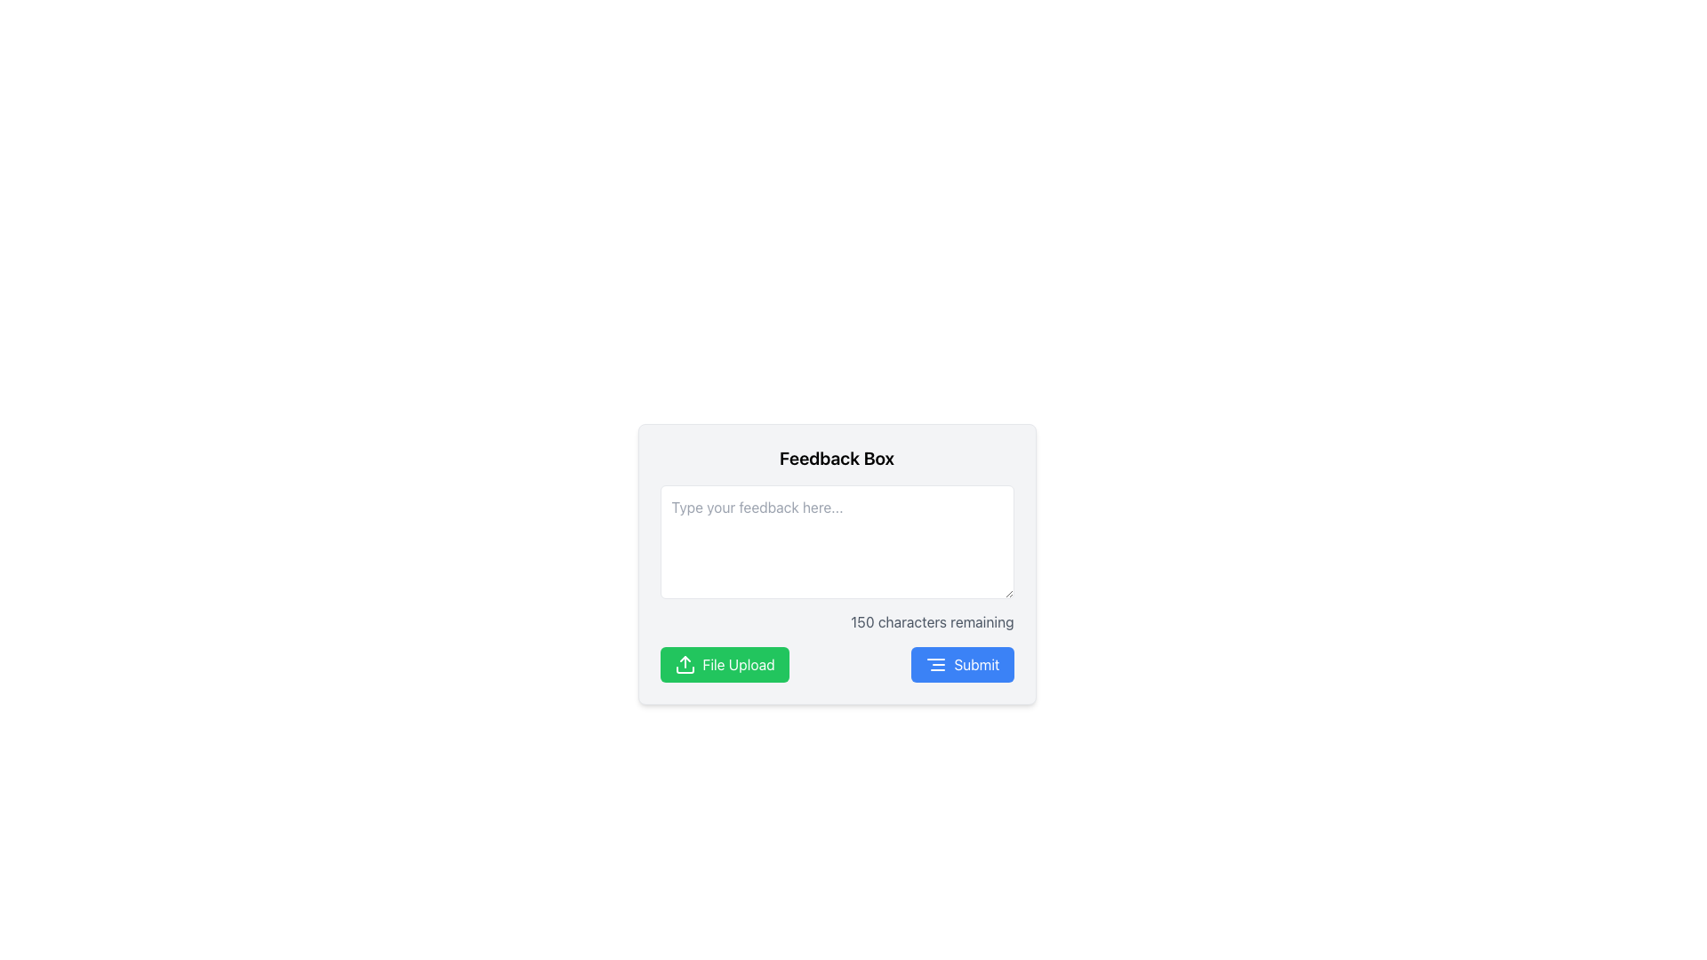 This screenshot has height=960, width=1707. What do you see at coordinates (684, 665) in the screenshot?
I see `the icon representing the file upload action, which is located to the left of the text label inside the 'File Upload' button at the bottom-left corner of the feedback box section` at bounding box center [684, 665].